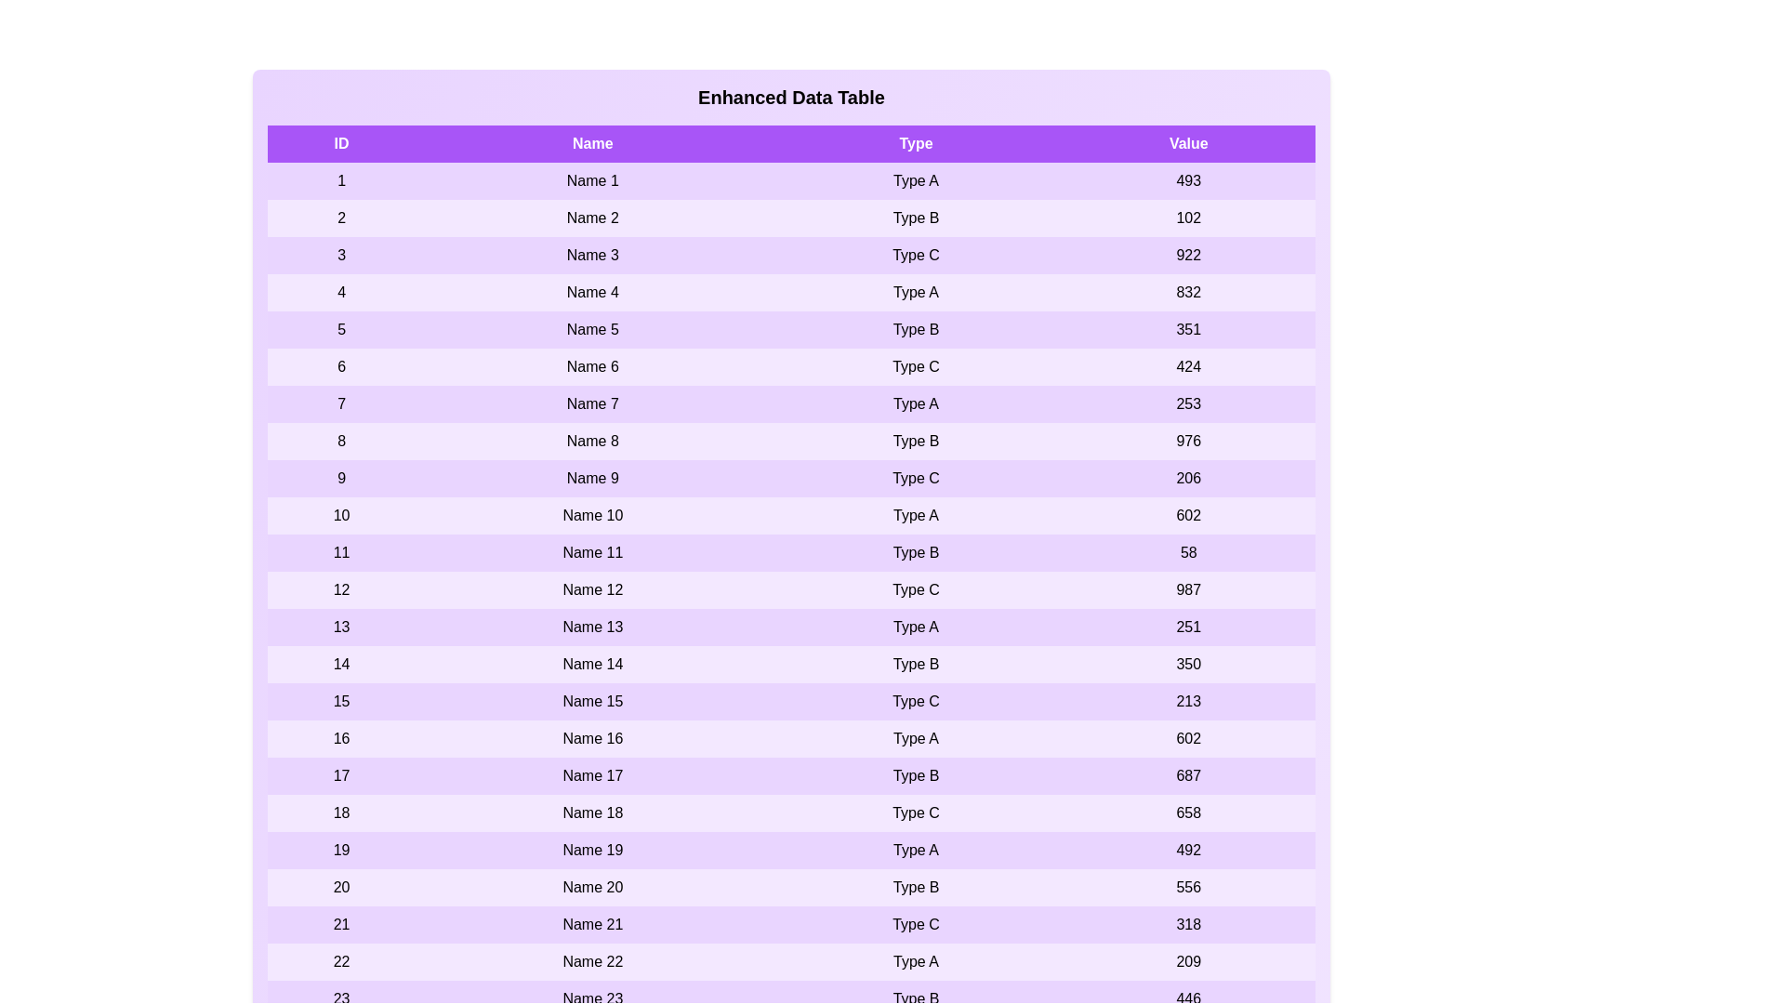 The image size is (1785, 1004). Describe the element at coordinates (341, 142) in the screenshot. I see `the ID column header to sort the table by that column` at that location.